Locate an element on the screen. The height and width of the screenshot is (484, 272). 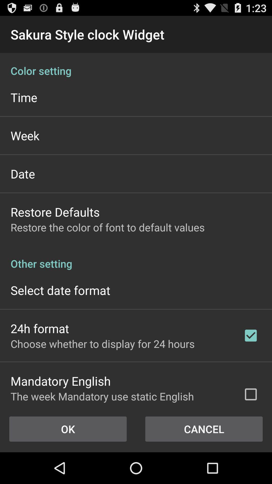
the choose whether to is located at coordinates (102, 343).